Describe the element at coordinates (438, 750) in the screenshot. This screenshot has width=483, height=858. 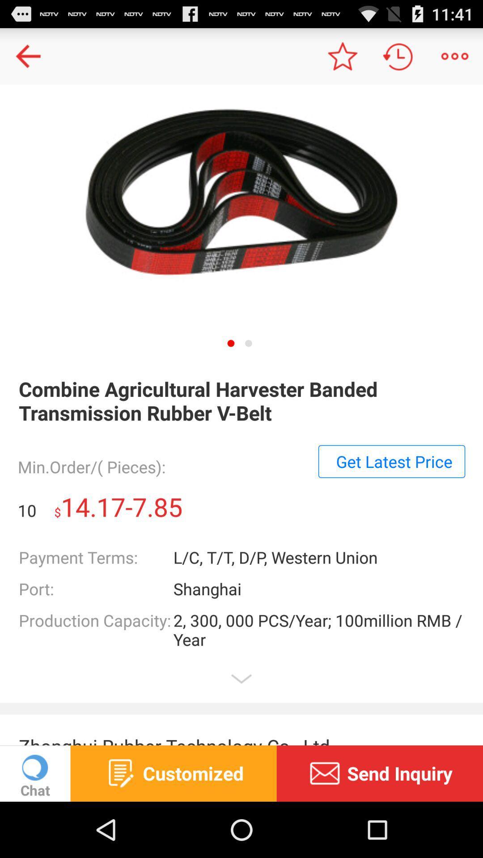
I see `the minus icon` at that location.